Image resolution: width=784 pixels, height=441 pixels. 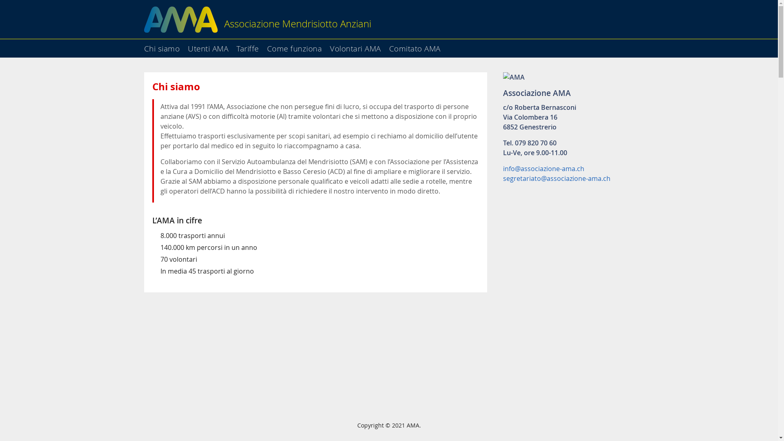 I want to click on 'Tariffe', so click(x=250, y=45).